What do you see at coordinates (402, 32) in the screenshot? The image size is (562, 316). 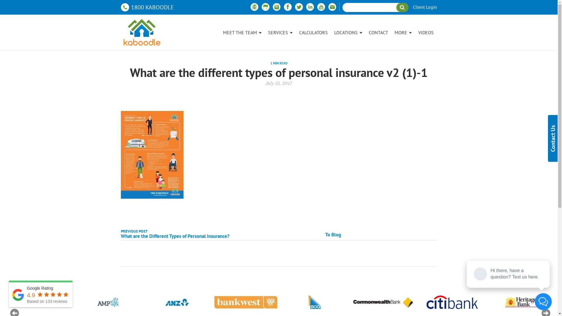 I see `'MORE'` at bounding box center [402, 32].